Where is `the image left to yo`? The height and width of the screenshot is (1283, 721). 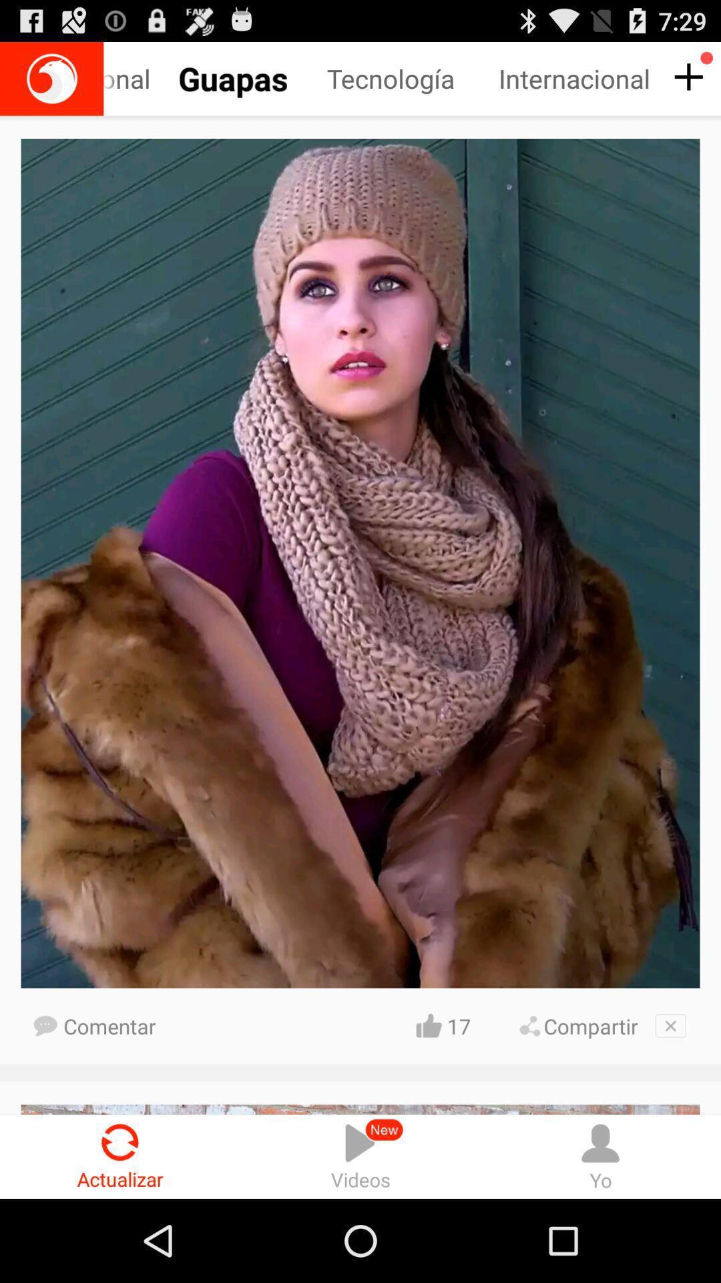 the image left to yo is located at coordinates (360, 1156).